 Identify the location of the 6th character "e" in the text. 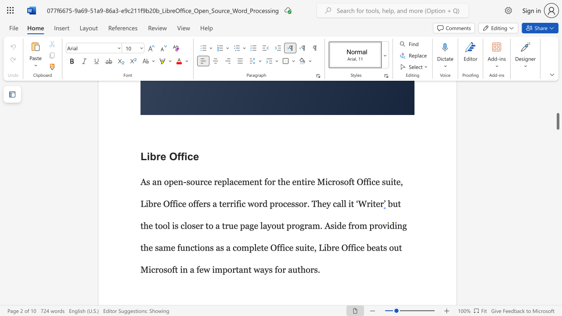
(151, 248).